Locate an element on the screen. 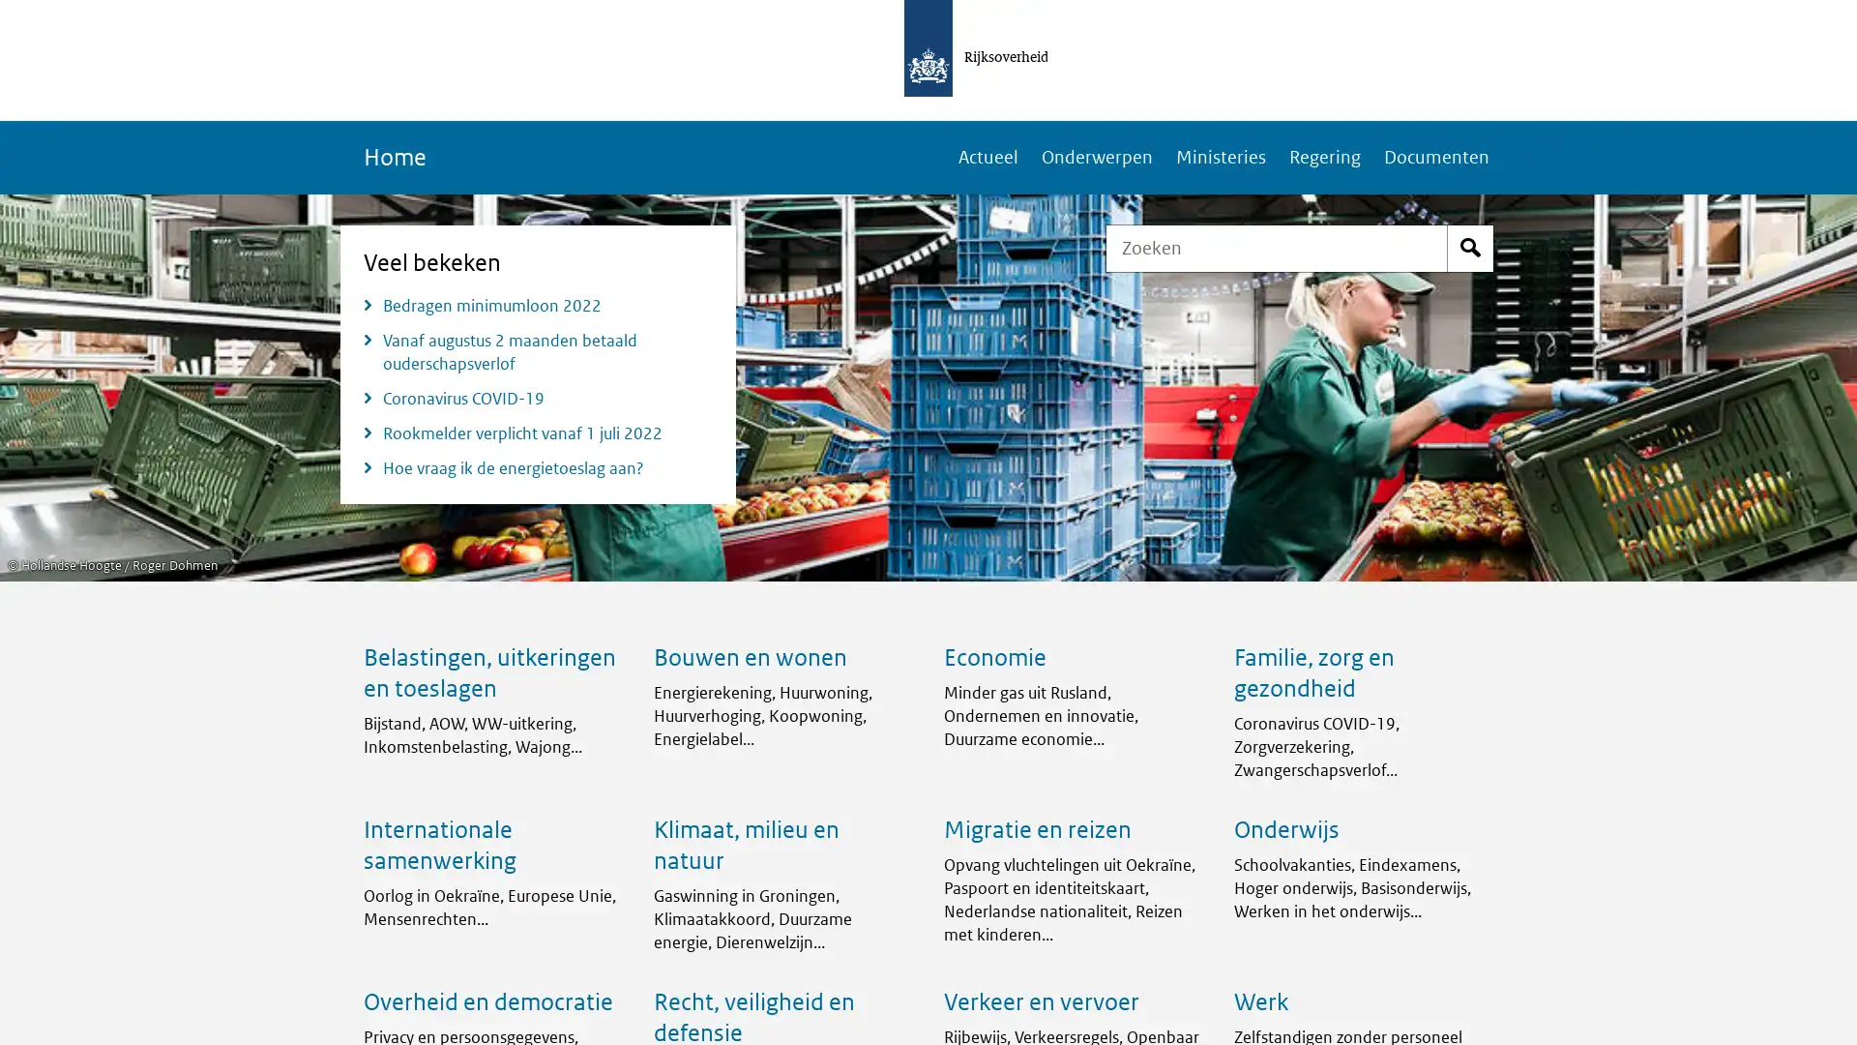 This screenshot has width=1857, height=1045. Start zoeken is located at coordinates (1470, 248).